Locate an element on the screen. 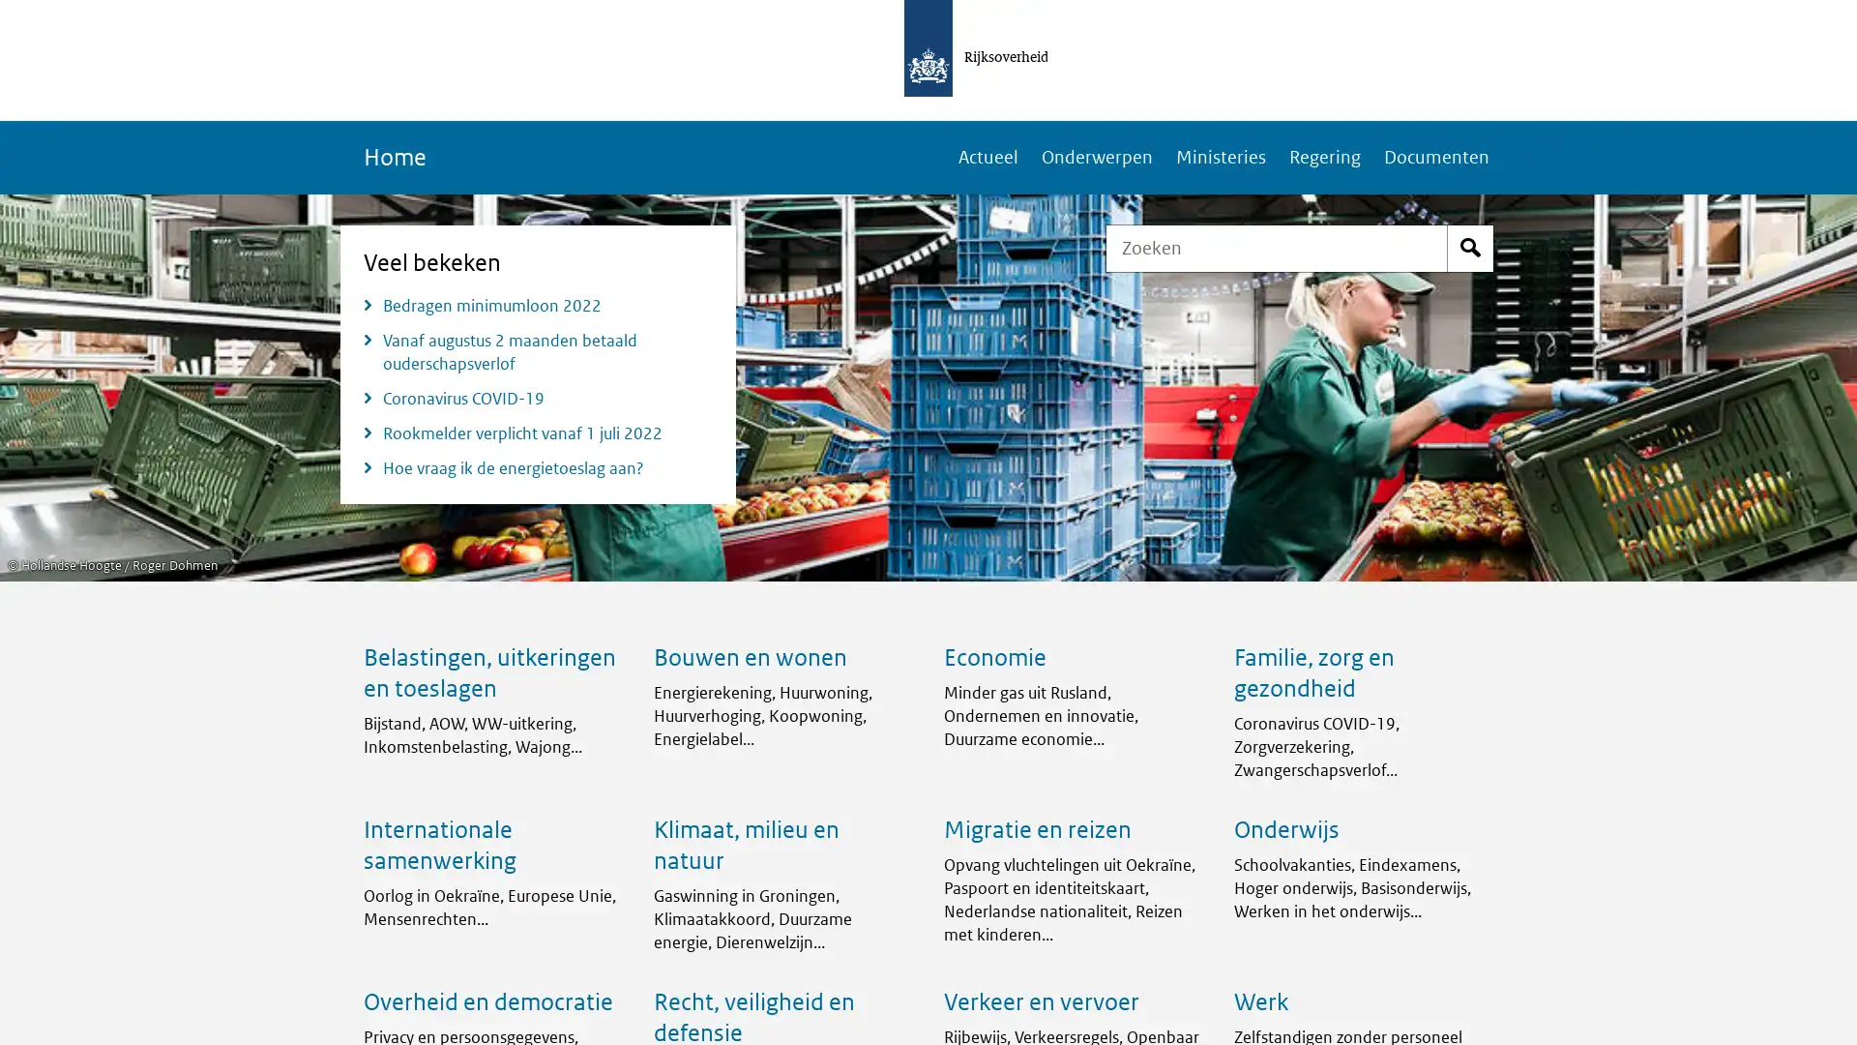 This screenshot has width=1857, height=1045. Start zoeken is located at coordinates (1470, 248).